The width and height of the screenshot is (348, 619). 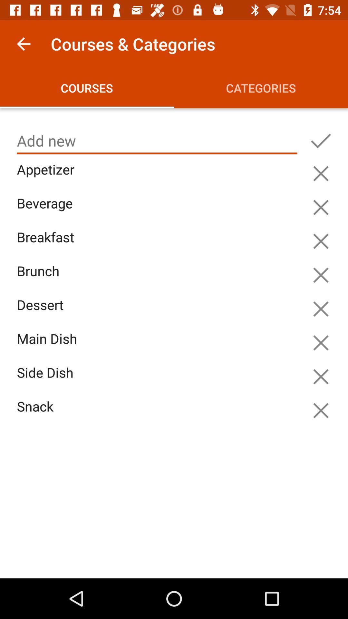 I want to click on the snack, so click(x=159, y=414).